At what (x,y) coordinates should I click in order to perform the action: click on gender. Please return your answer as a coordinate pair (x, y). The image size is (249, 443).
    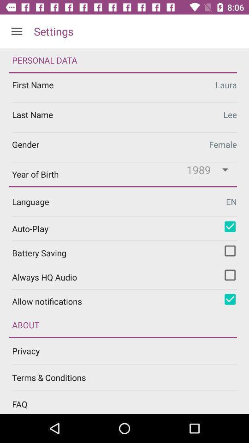
    Looking at the image, I should click on (125, 147).